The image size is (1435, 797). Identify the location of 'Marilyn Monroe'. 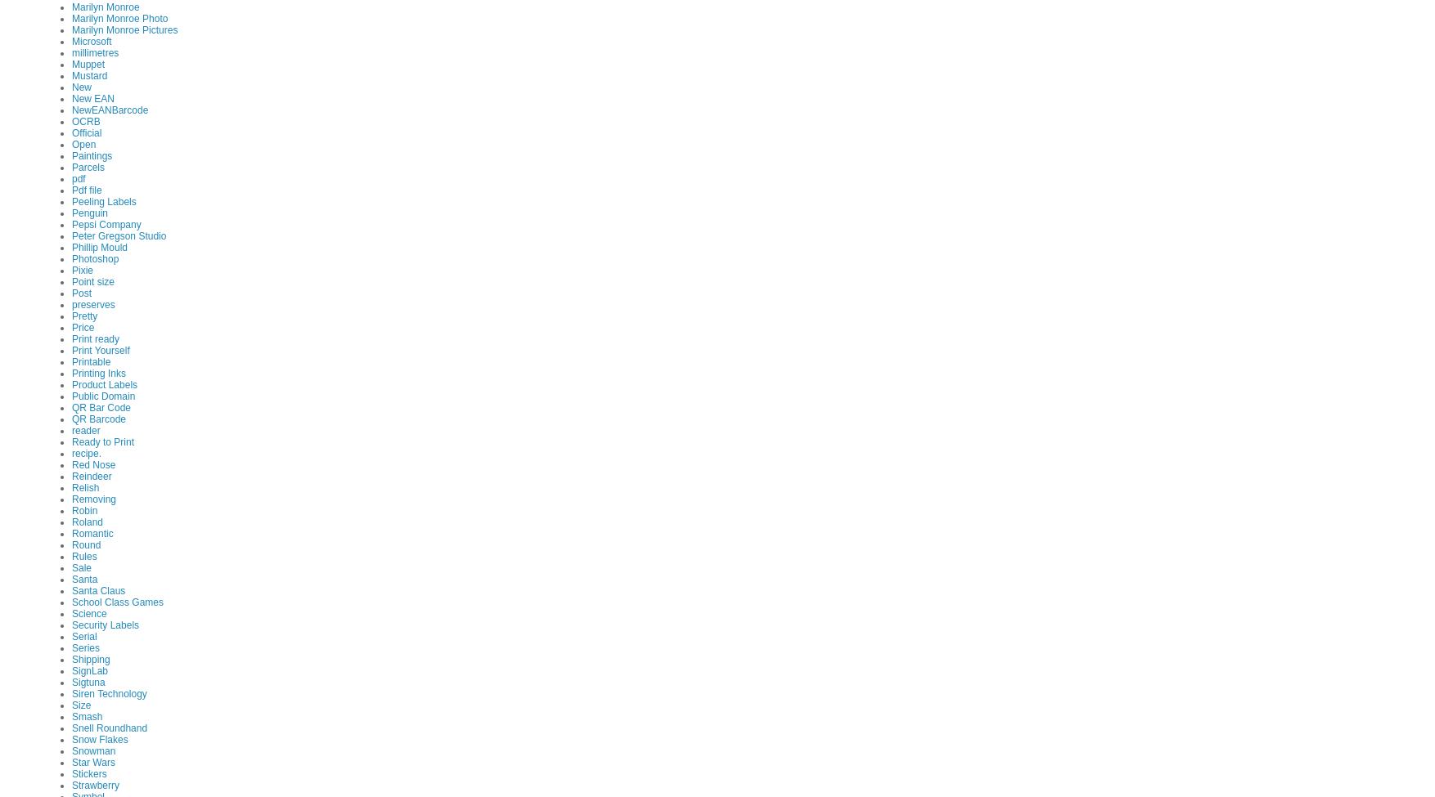
(72, 6).